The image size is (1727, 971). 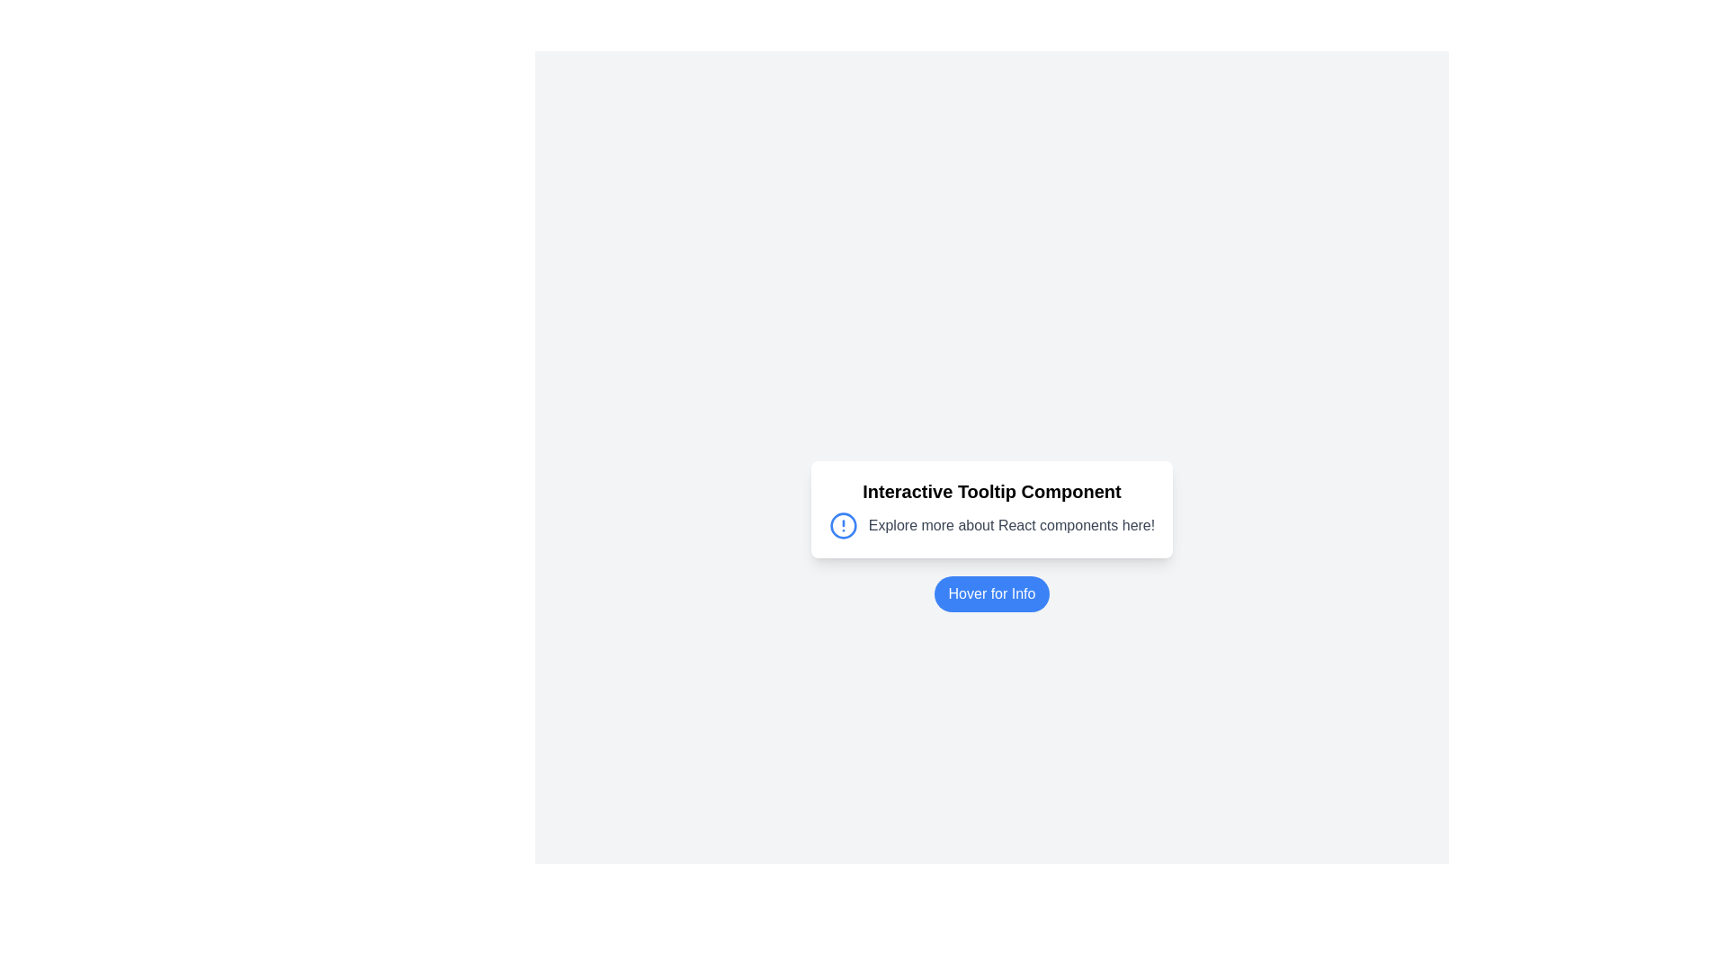 What do you see at coordinates (842, 526) in the screenshot?
I see `the informational or warning icon located to the left of the message 'Explore more about React components here!'` at bounding box center [842, 526].